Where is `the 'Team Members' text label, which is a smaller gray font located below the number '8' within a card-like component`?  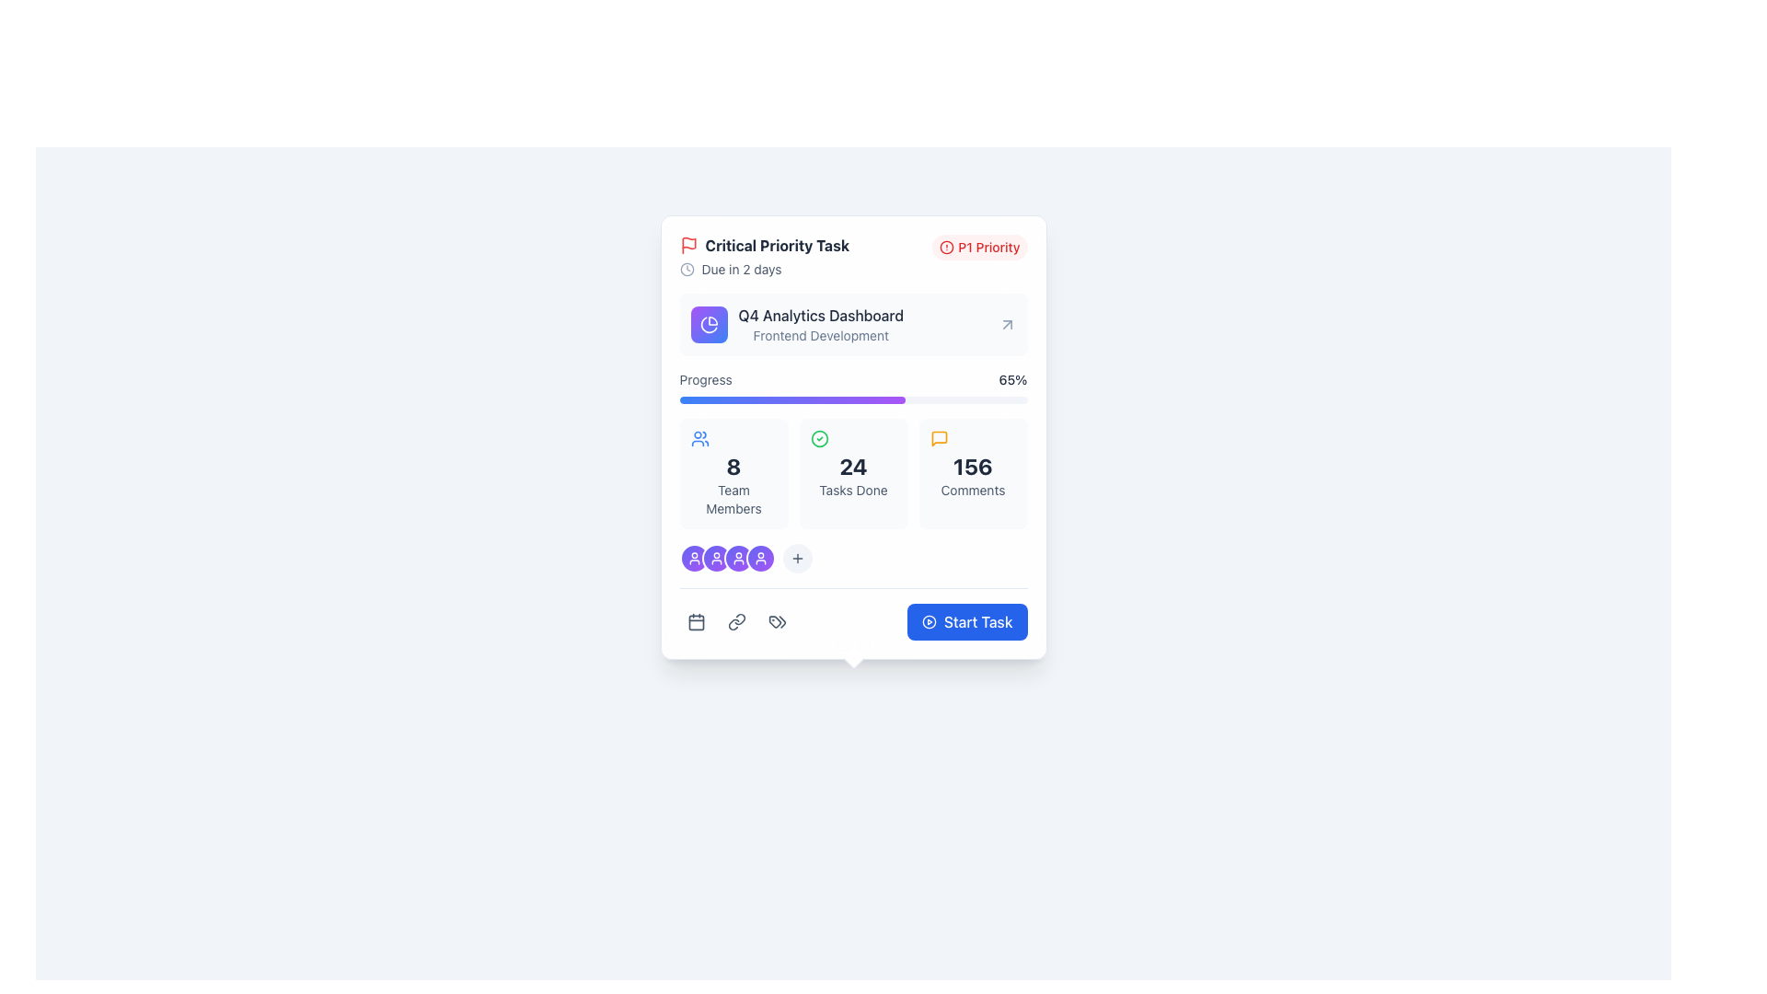 the 'Team Members' text label, which is a smaller gray font located below the number '8' within a card-like component is located at coordinates (733, 500).